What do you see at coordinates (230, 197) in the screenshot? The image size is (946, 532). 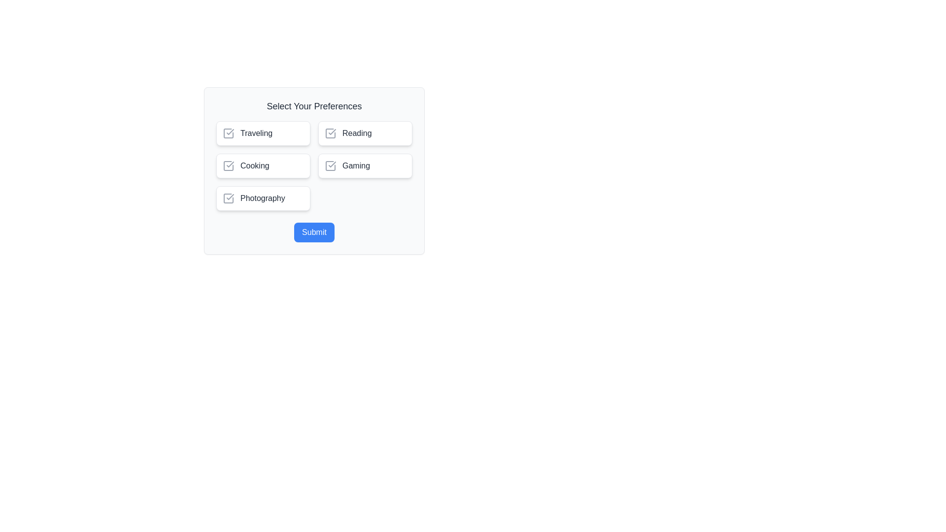 I see `the checkmark icon that indicates the 'Photography' option is selected, located to the left of the 'Photography' label` at bounding box center [230, 197].